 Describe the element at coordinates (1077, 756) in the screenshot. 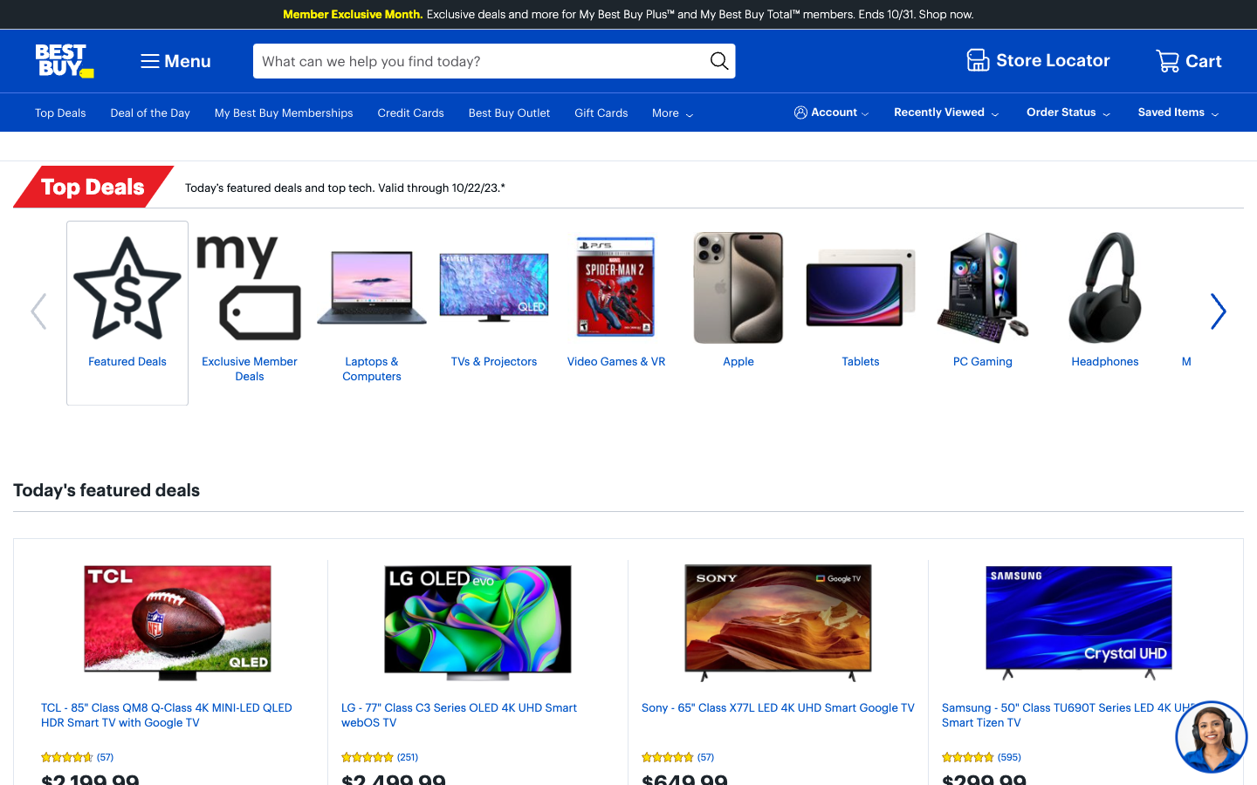

I see `View the reviews for Samsung Crystal UHD TV` at that location.